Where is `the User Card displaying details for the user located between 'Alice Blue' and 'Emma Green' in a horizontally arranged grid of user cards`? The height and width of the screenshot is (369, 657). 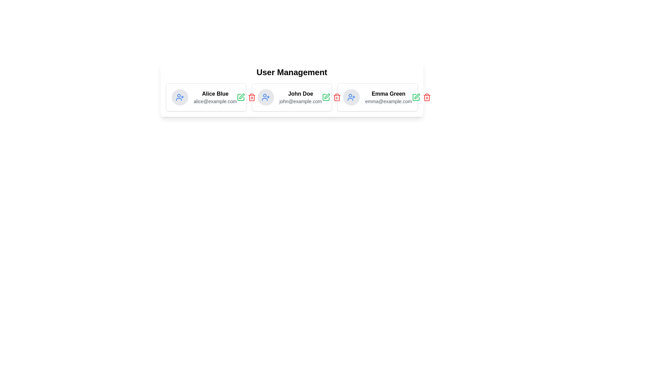 the User Card displaying details for the user located between 'Alice Blue' and 'Emma Green' in a horizontally arranged grid of user cards is located at coordinates (292, 97).